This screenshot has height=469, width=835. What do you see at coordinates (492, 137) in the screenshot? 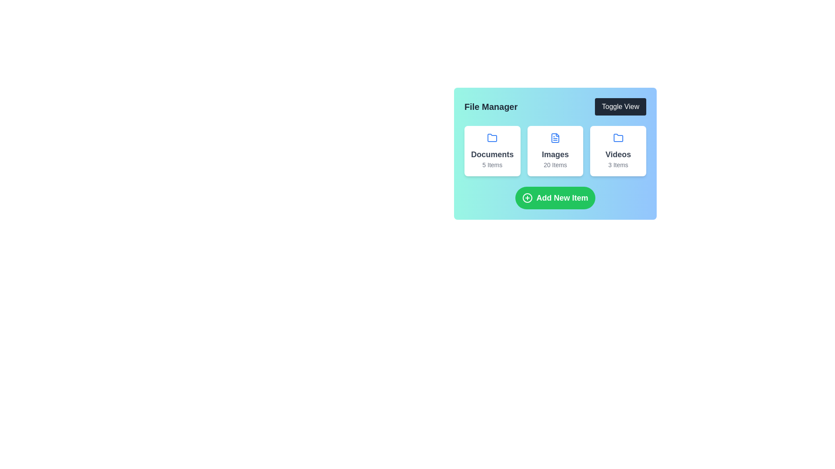
I see `the folder icon with a blue outline located at the top center above the text 'Documents' to interact with it` at bounding box center [492, 137].